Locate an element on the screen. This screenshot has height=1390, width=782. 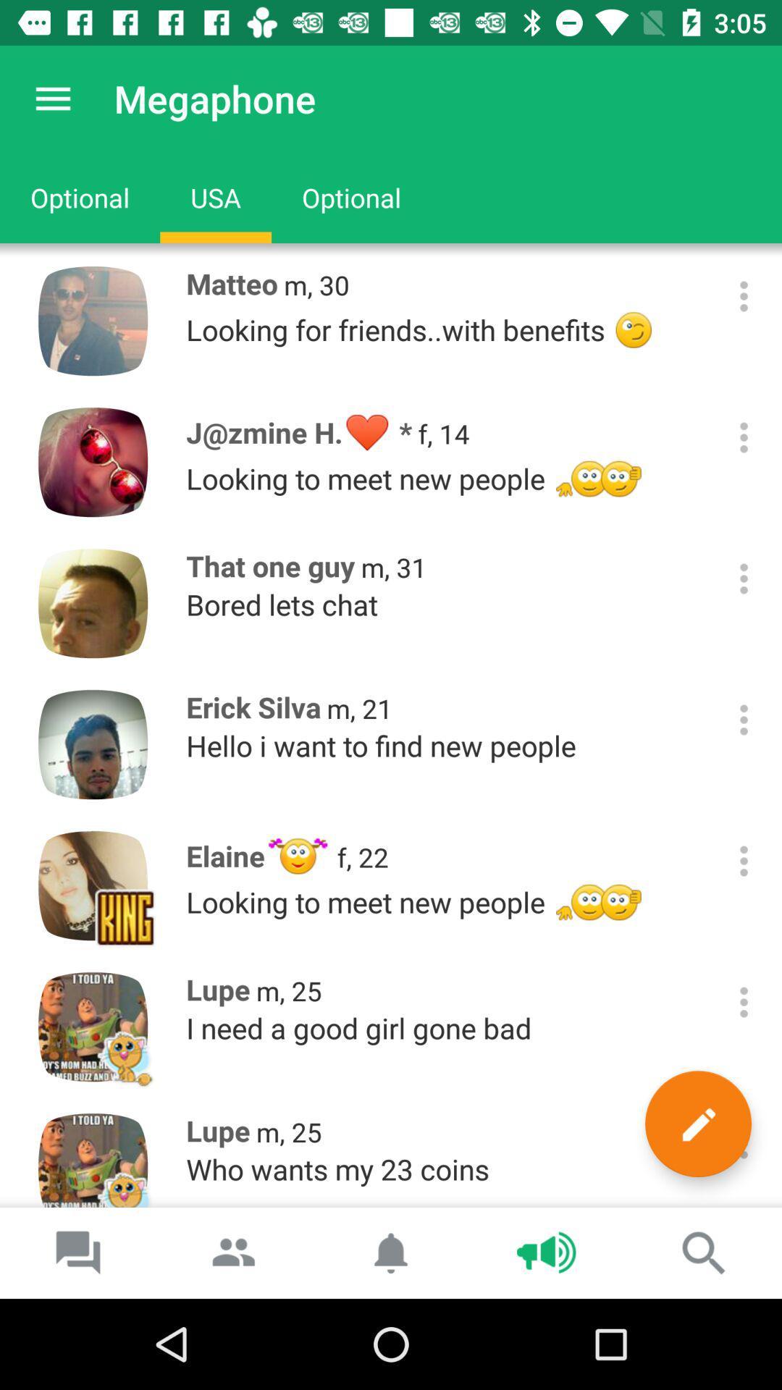
more options is located at coordinates (744, 1142).